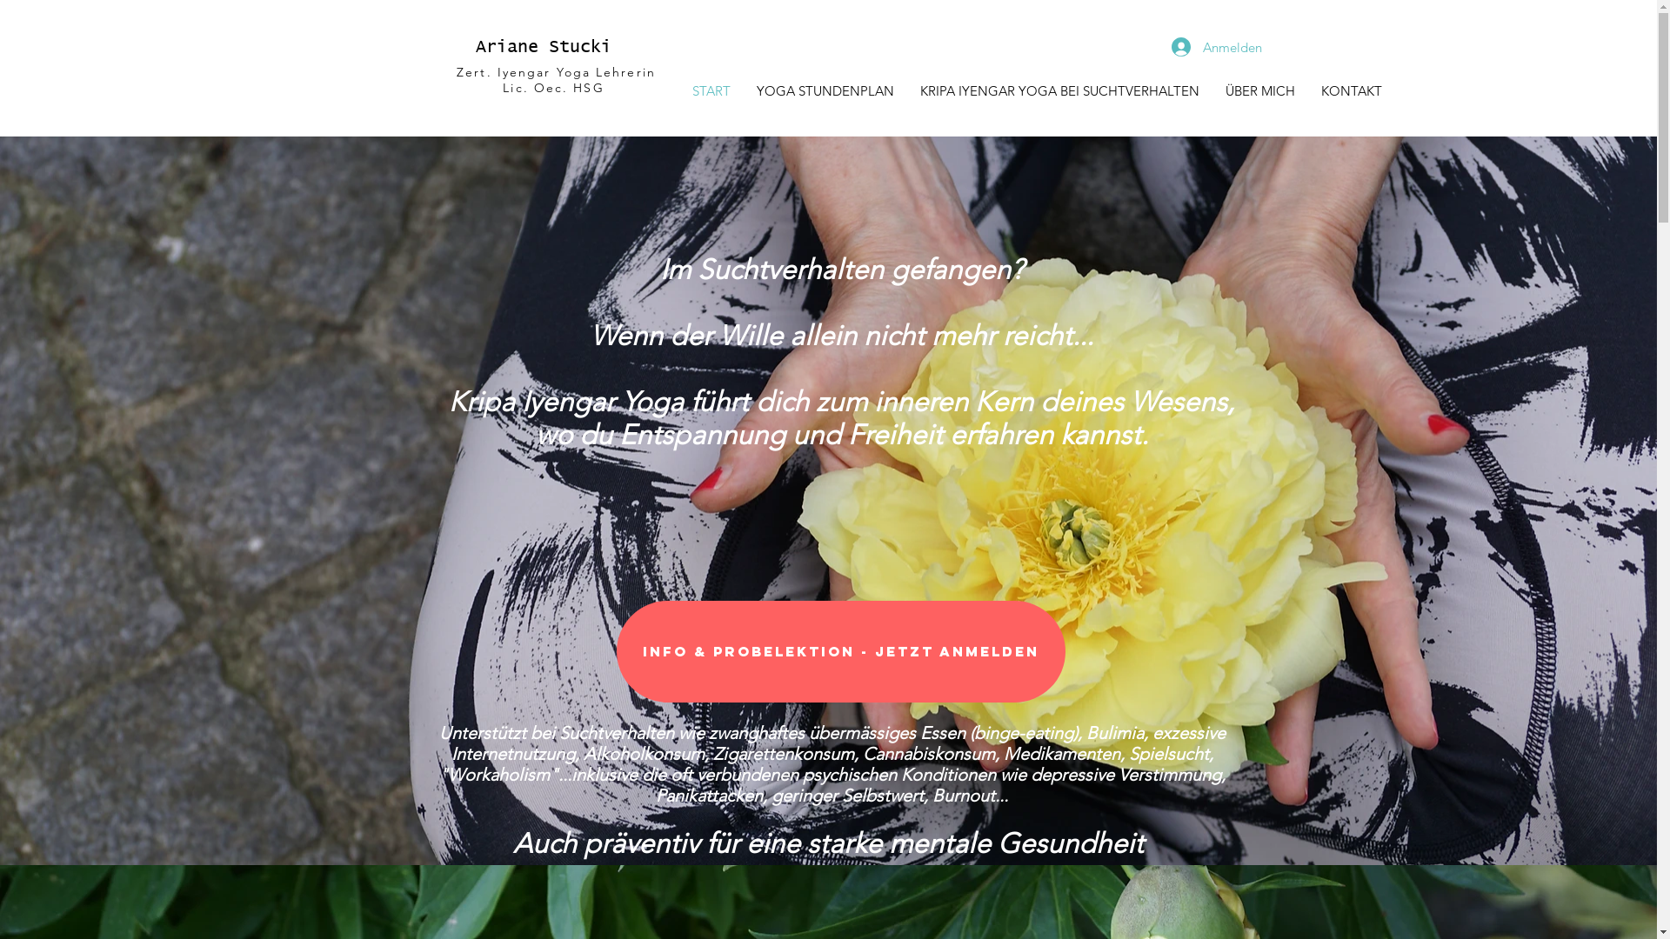 The height and width of the screenshot is (939, 1670). What do you see at coordinates (1351, 90) in the screenshot?
I see `'KONTAKT'` at bounding box center [1351, 90].